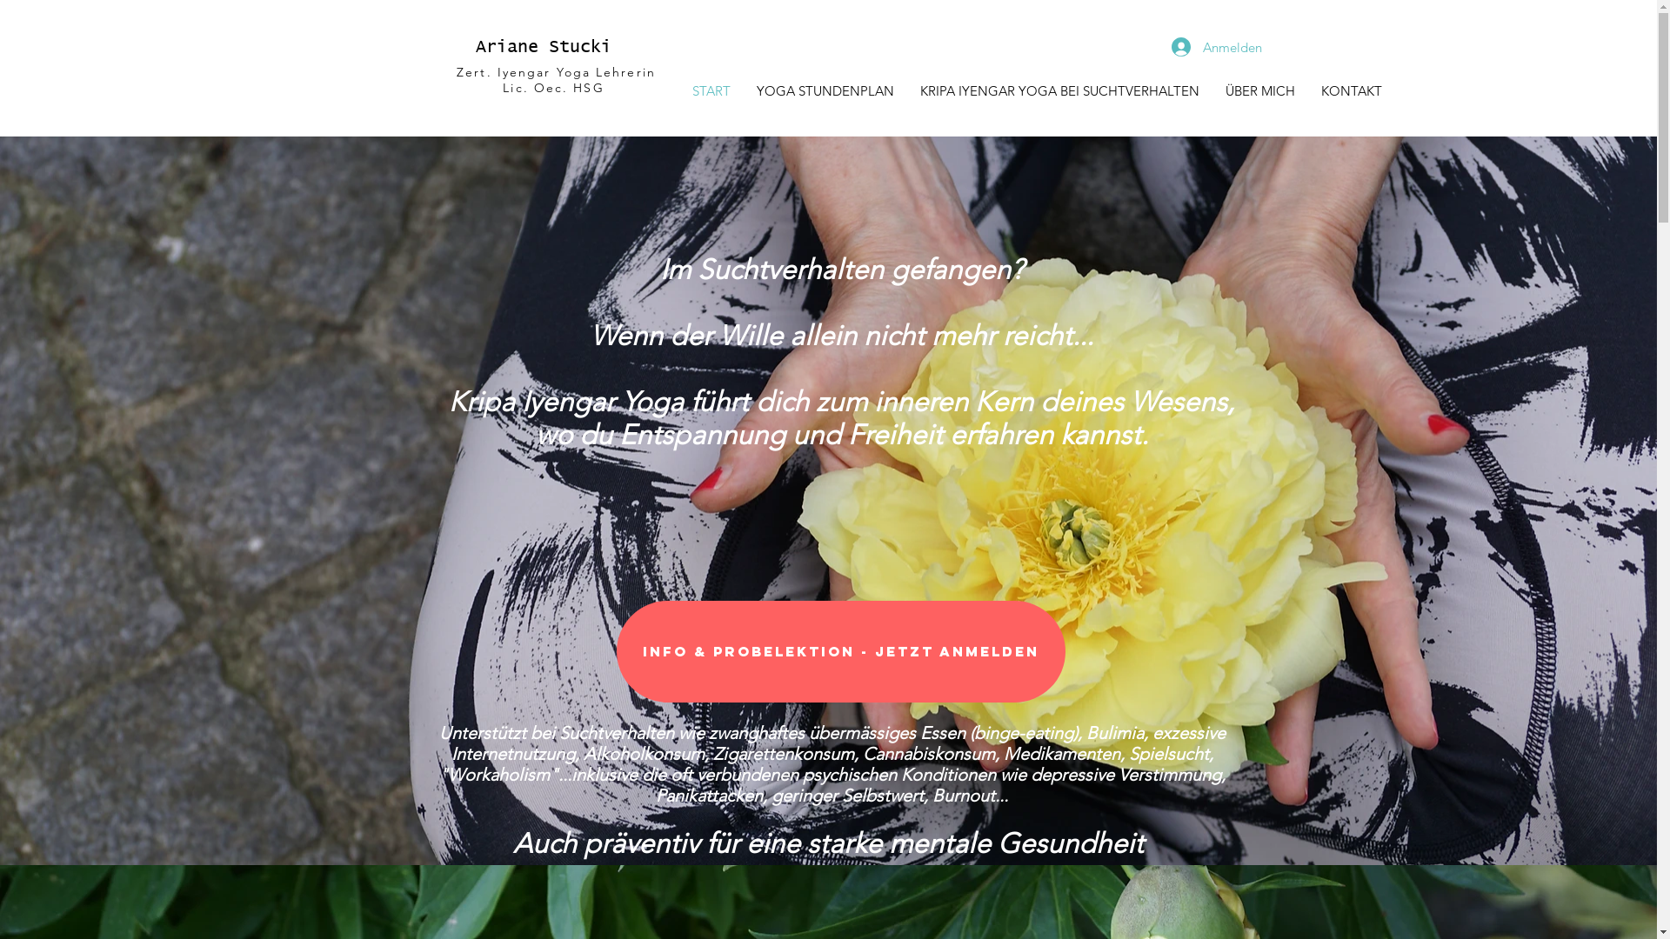 The height and width of the screenshot is (939, 1670). What do you see at coordinates (1351, 90) in the screenshot?
I see `'KONTAKT'` at bounding box center [1351, 90].